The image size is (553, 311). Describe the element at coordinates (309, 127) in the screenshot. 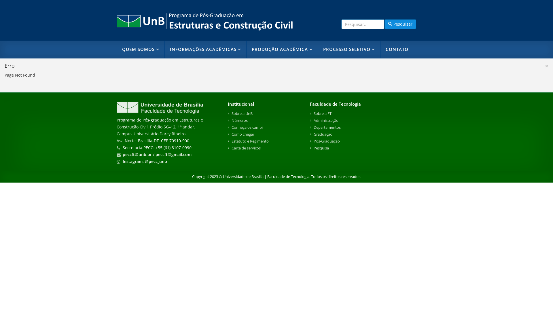

I see `'Departamentos'` at that location.